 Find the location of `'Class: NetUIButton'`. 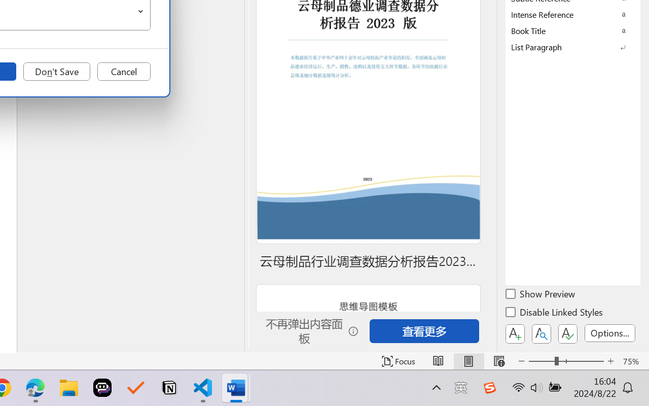

'Class: NetUIButton' is located at coordinates (568, 333).